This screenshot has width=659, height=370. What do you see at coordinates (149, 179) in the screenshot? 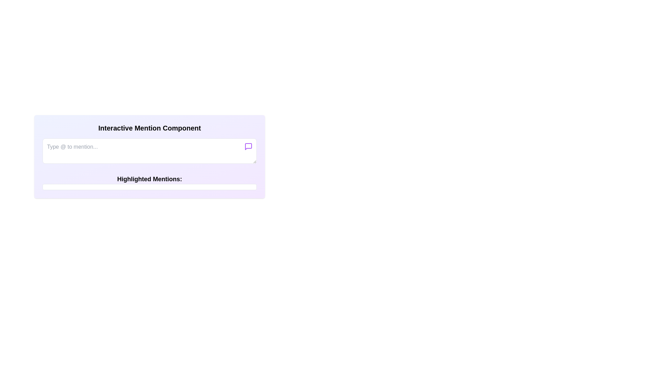
I see `the Text label that introduces or identifies a section related` at bounding box center [149, 179].